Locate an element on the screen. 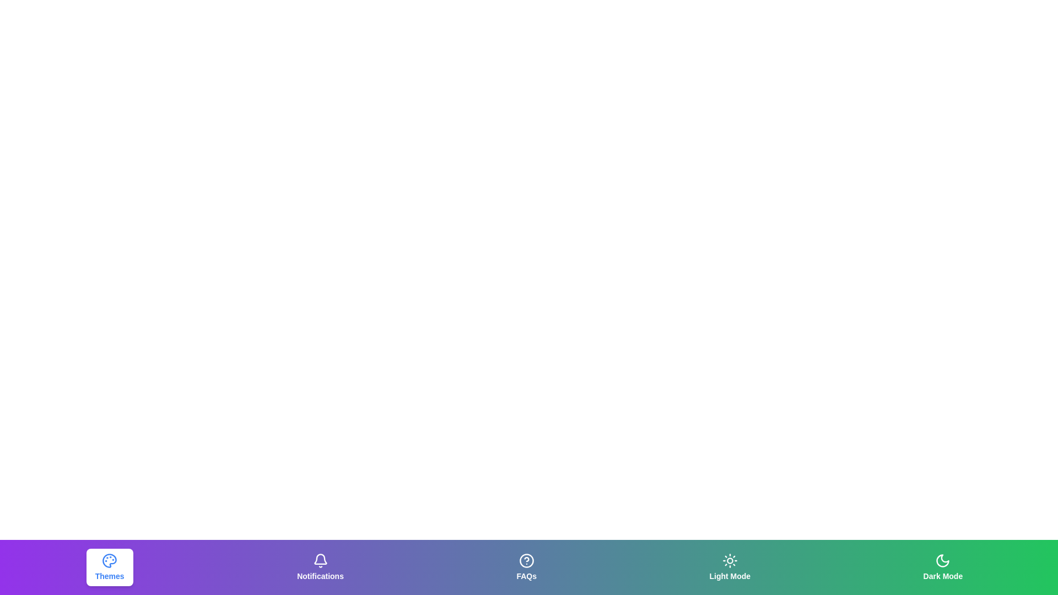 The width and height of the screenshot is (1058, 595). the tab labeled Notifications to select it is located at coordinates (319, 567).